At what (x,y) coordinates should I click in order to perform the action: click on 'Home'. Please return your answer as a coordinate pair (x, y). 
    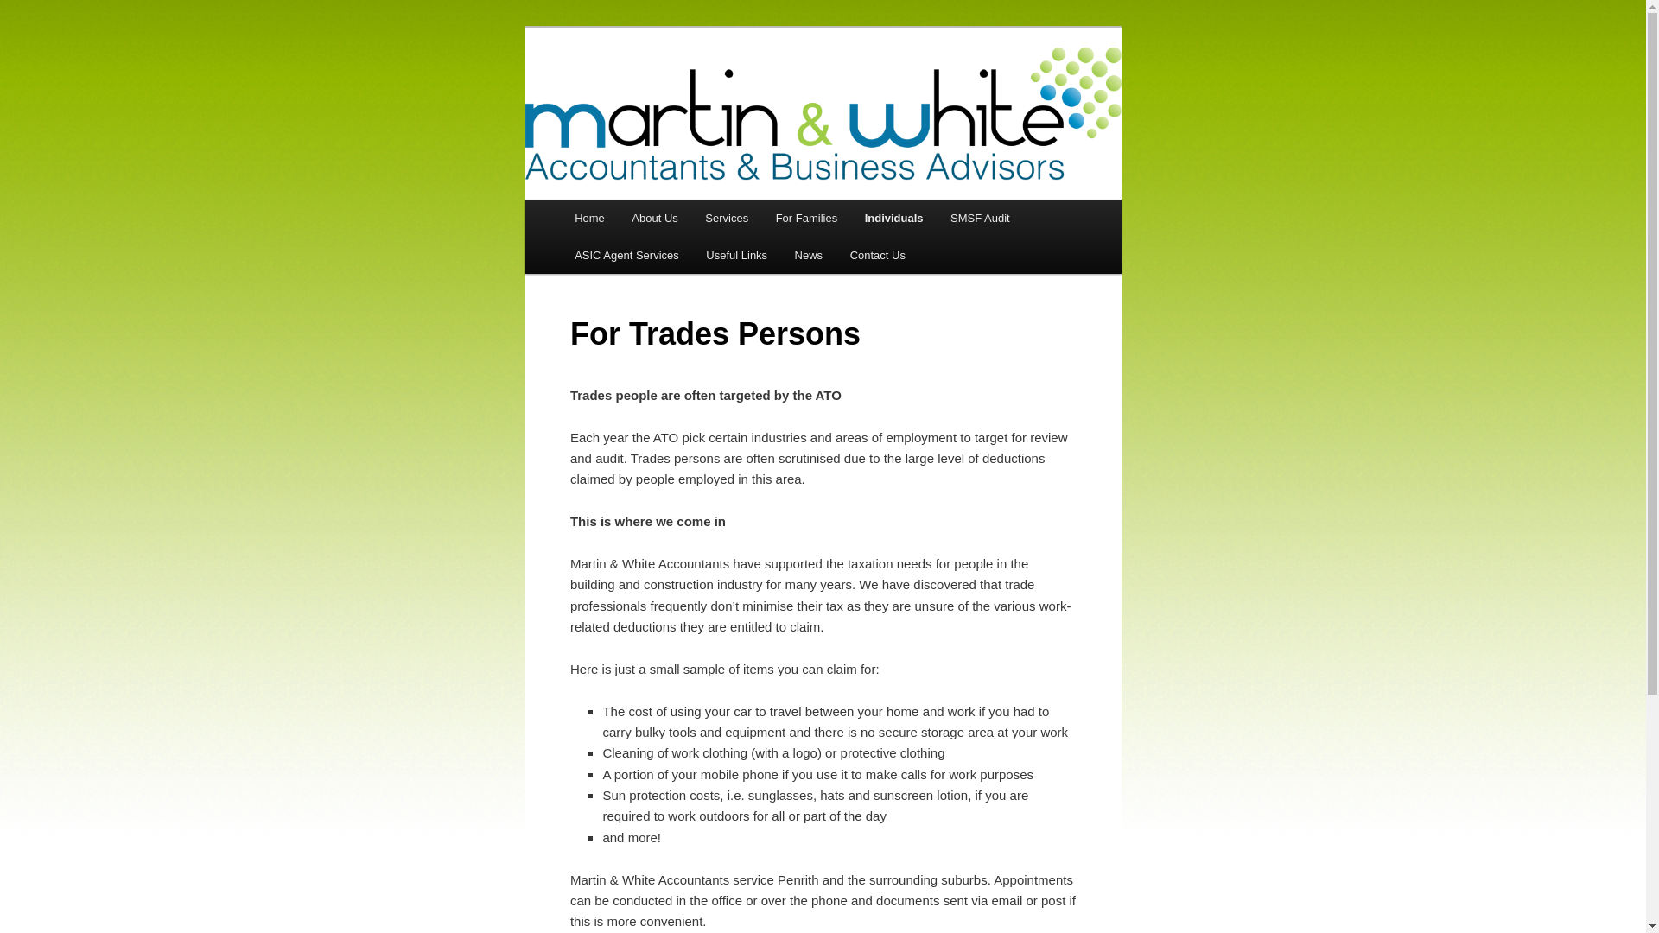
    Looking at the image, I should click on (588, 217).